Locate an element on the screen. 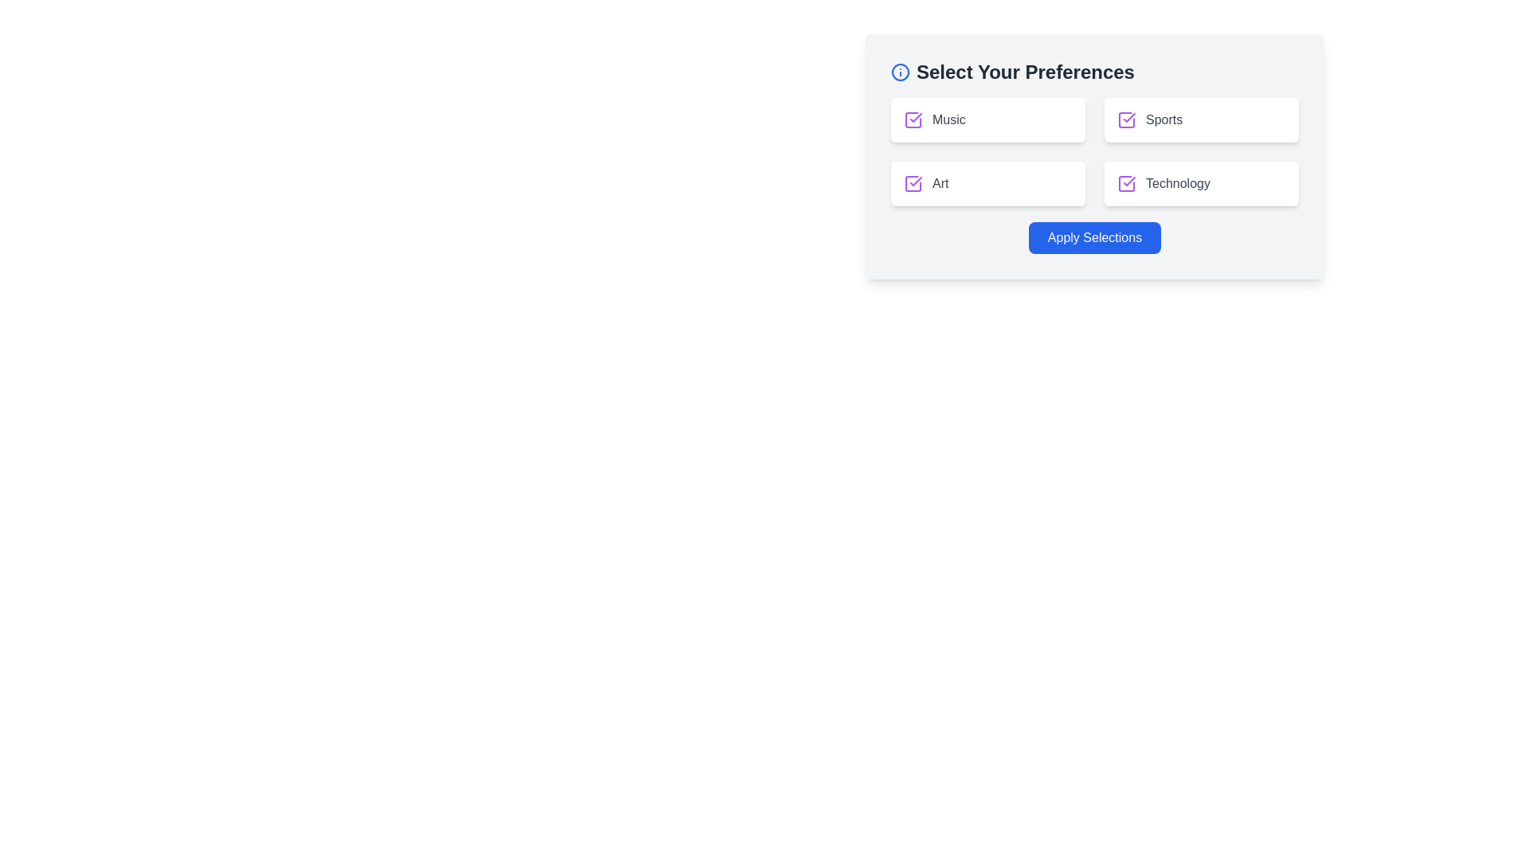 This screenshot has height=860, width=1529. the blue circular information icon located to the immediate left of the 'Select Your Preferences' heading in the header section of the user interface card is located at coordinates (901, 72).